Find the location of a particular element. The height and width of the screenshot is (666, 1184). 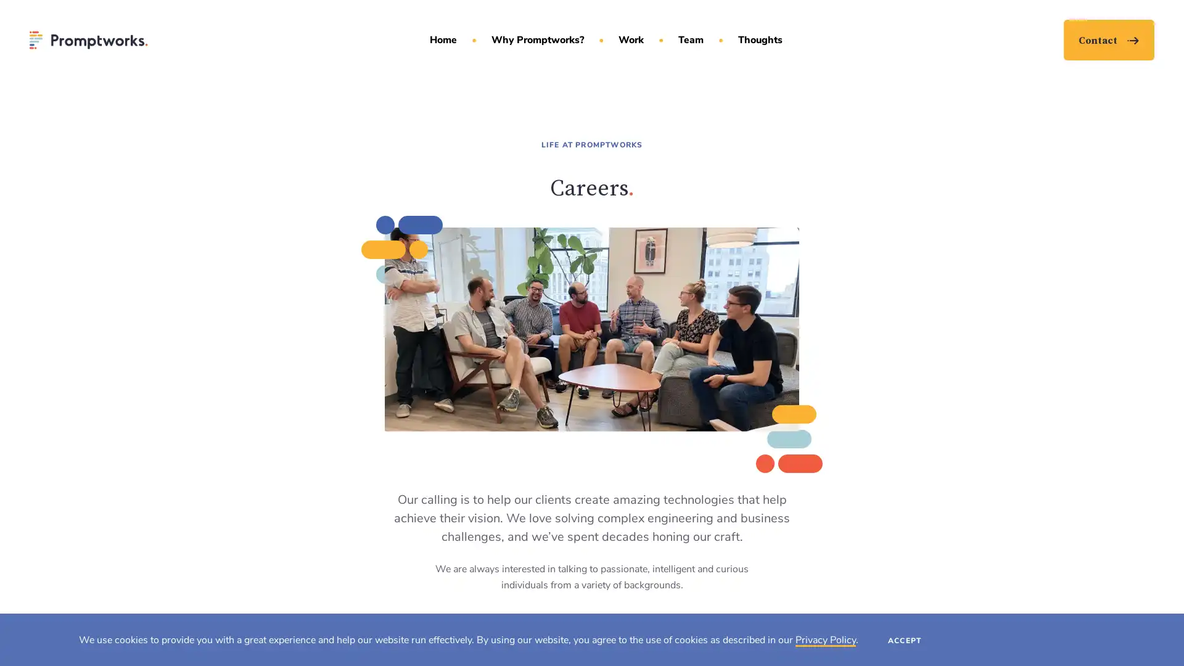

ACCEPT is located at coordinates (905, 639).